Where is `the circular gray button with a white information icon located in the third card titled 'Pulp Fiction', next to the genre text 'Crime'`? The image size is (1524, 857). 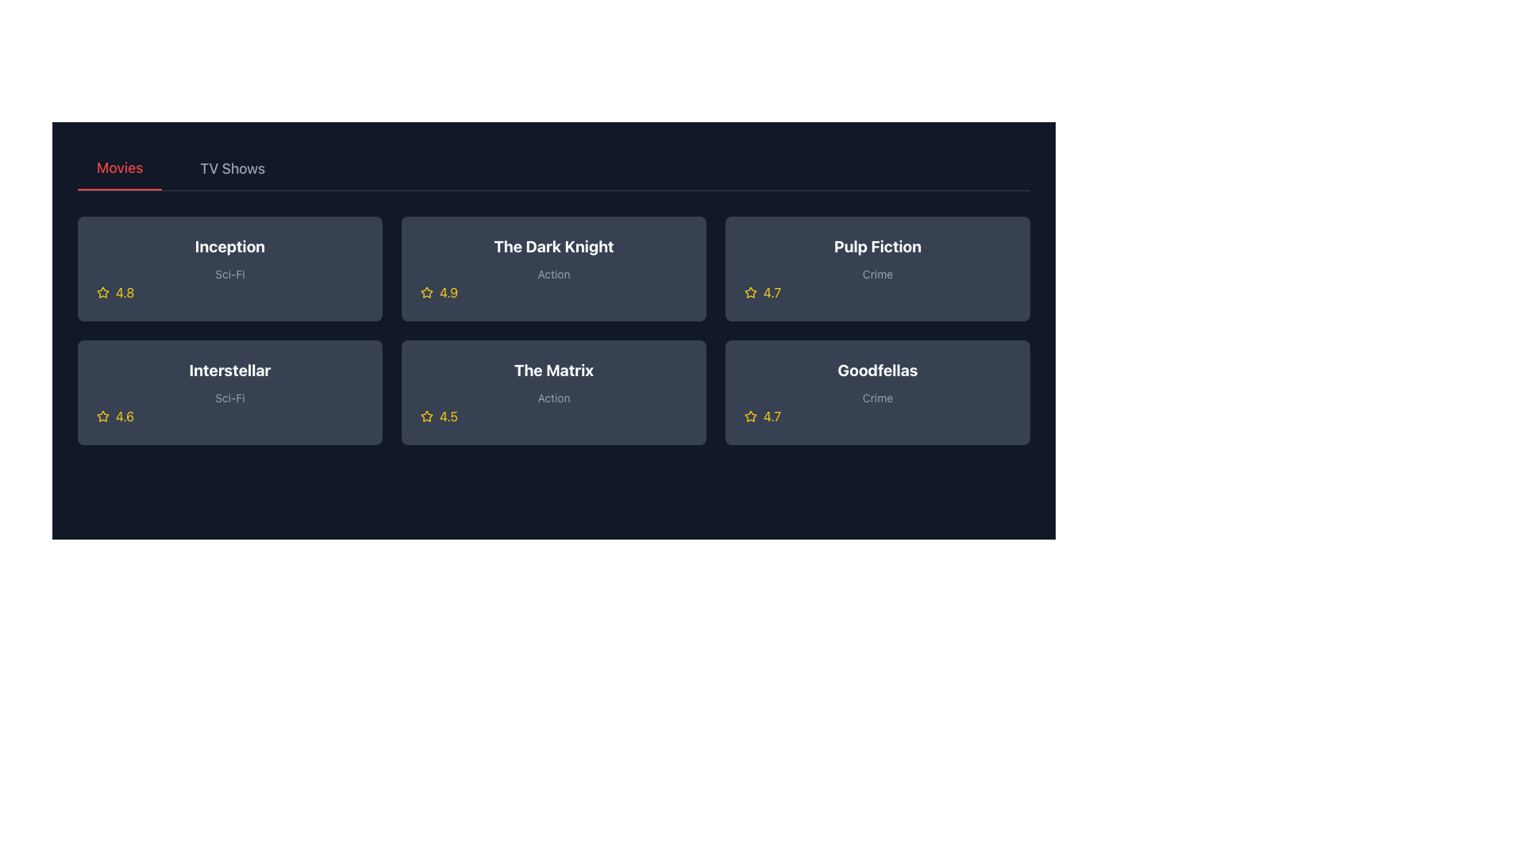 the circular gray button with a white information icon located in the third card titled 'Pulp Fiction', next to the genre text 'Crime' is located at coordinates (876, 268).